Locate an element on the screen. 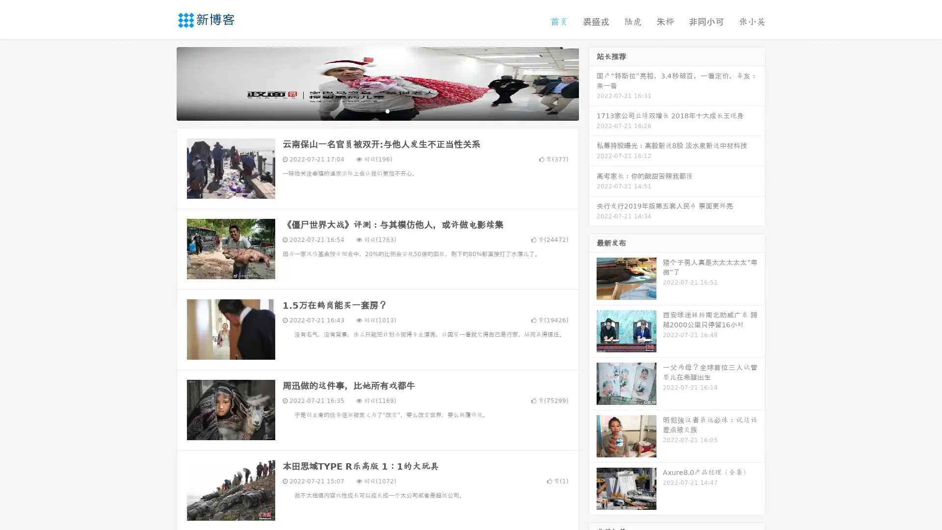 Image resolution: width=942 pixels, height=530 pixels. Next slide is located at coordinates (593, 82).